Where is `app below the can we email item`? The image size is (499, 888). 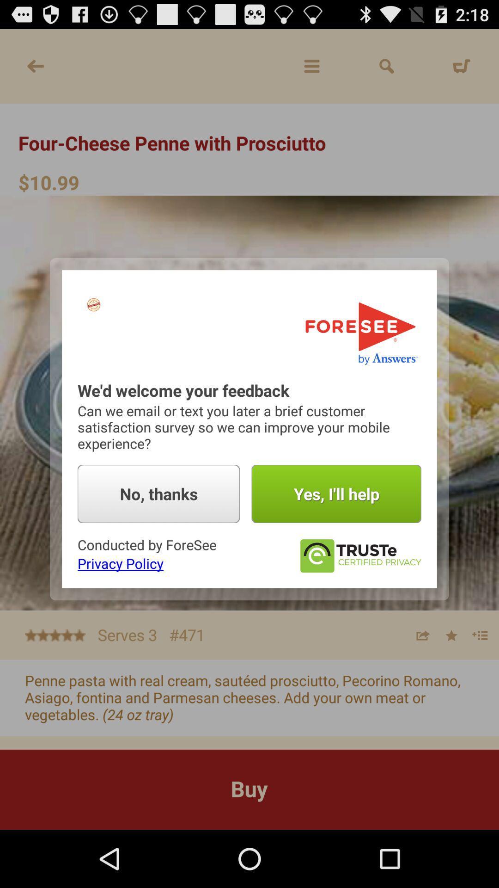
app below the can we email item is located at coordinates (336, 493).